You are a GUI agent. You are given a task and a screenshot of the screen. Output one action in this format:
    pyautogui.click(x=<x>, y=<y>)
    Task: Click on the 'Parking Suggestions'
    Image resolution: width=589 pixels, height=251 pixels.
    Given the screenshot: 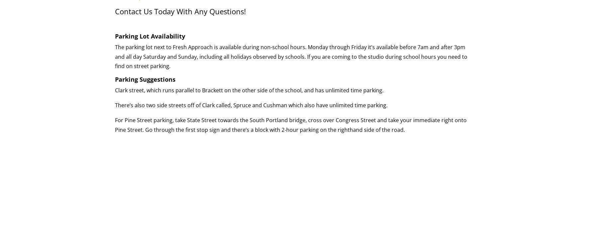 What is the action you would take?
    pyautogui.click(x=115, y=79)
    